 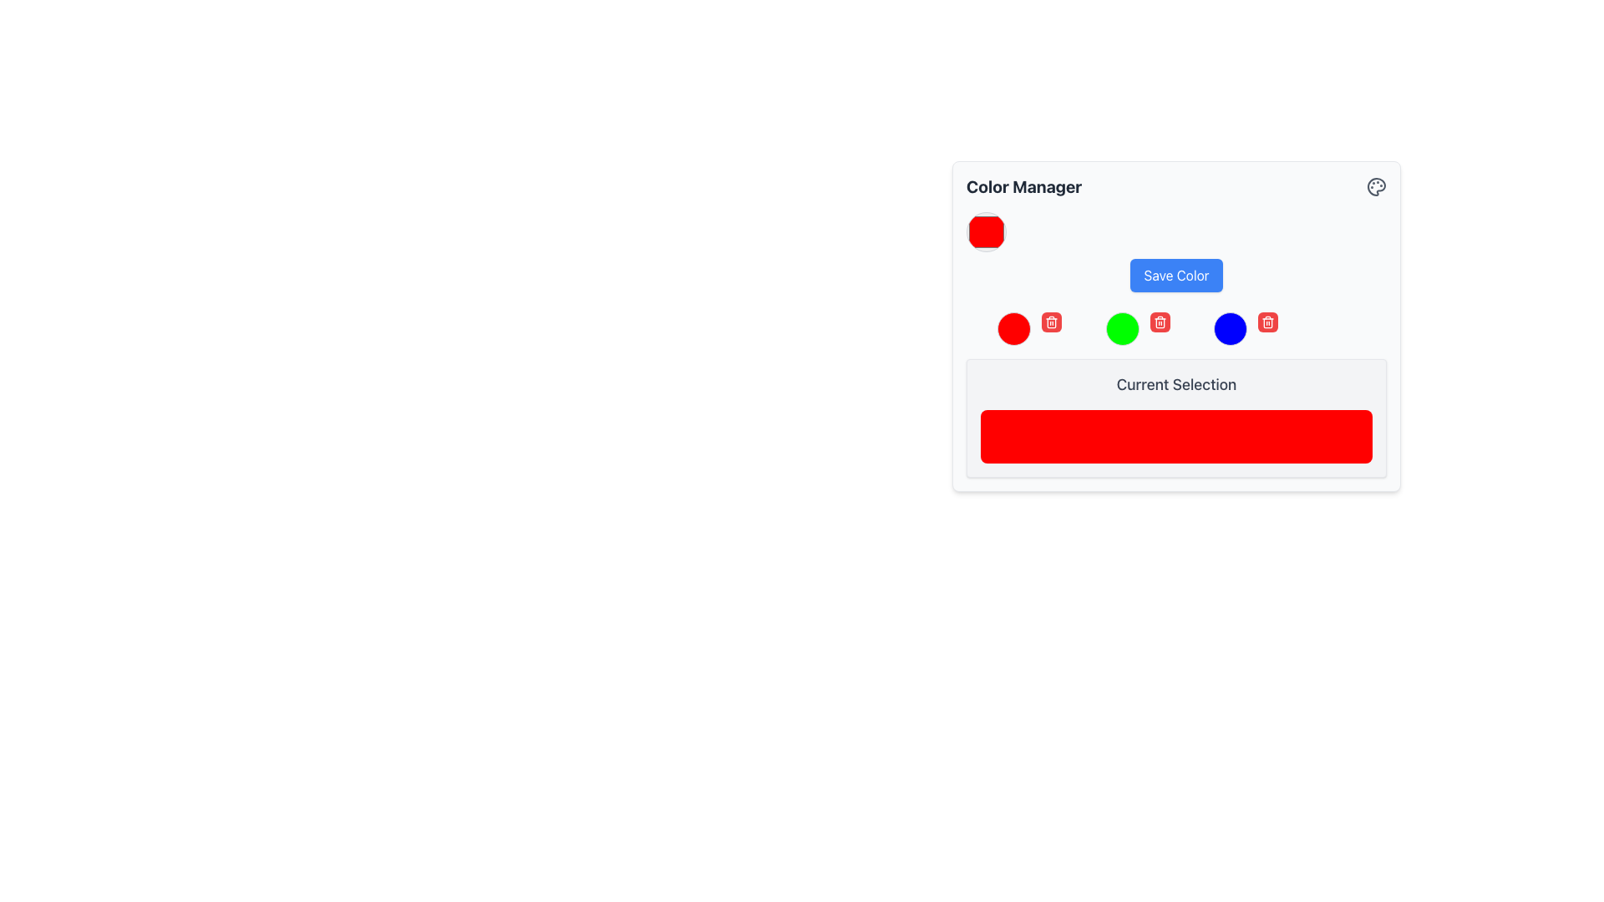 What do you see at coordinates (1175, 251) in the screenshot?
I see `the 'Save Color' button with a blue background and white text, located below the circular red color selector` at bounding box center [1175, 251].